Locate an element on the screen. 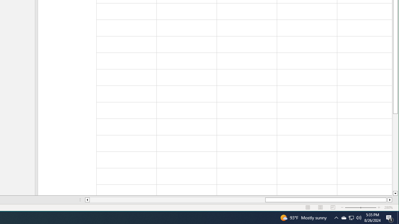 This screenshot has height=224, width=399. 'Normal' is located at coordinates (308, 208).